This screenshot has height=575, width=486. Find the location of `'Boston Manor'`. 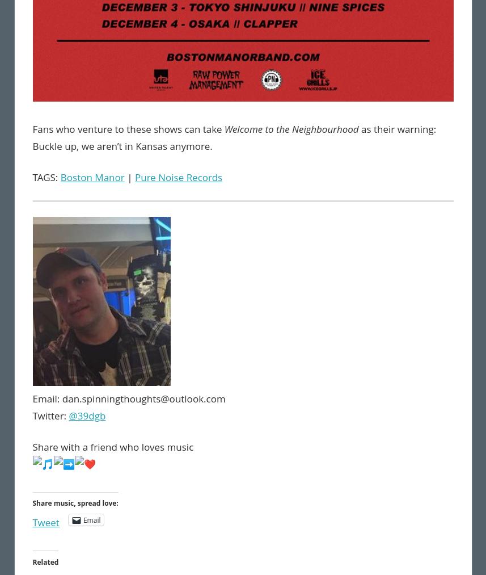

'Boston Manor' is located at coordinates (92, 177).